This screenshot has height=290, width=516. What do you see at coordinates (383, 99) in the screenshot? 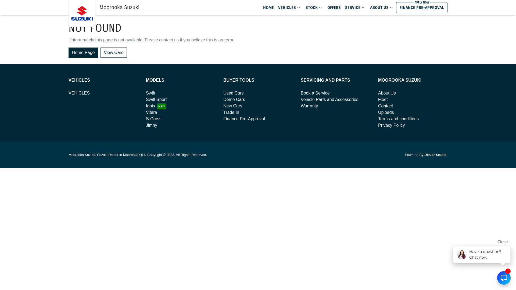
I see `'Fleet'` at bounding box center [383, 99].